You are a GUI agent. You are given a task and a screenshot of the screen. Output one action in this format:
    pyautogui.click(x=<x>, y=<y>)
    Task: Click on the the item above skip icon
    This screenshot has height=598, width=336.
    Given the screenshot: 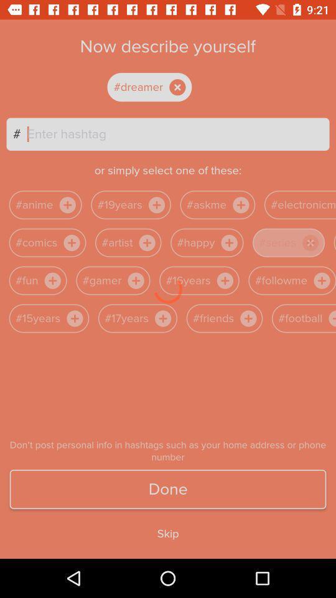 What is the action you would take?
    pyautogui.click(x=168, y=489)
    